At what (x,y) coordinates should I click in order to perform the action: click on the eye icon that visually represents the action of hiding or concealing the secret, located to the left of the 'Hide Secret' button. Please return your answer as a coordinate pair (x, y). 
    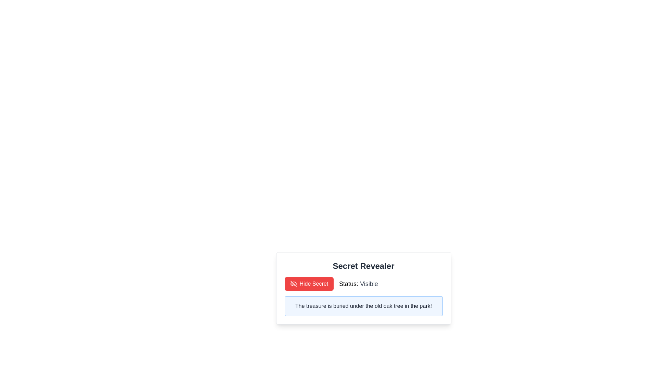
    Looking at the image, I should click on (293, 284).